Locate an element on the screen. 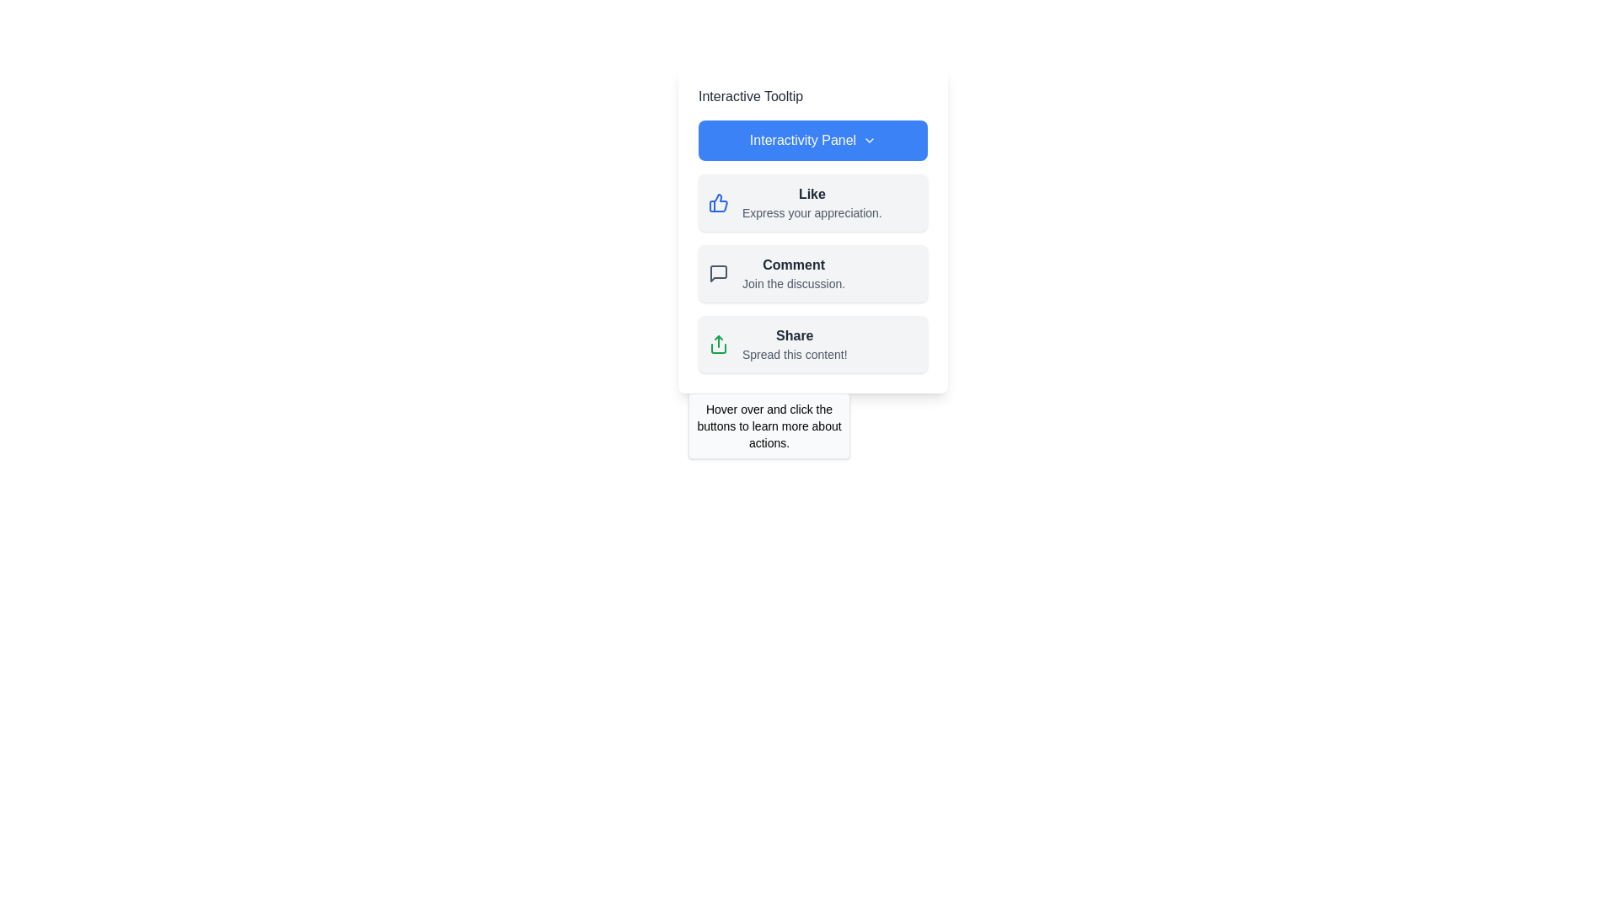 This screenshot has width=1618, height=910. the 'Interactivity Panel' button with a blue background and rounded corners is located at coordinates (812, 139).